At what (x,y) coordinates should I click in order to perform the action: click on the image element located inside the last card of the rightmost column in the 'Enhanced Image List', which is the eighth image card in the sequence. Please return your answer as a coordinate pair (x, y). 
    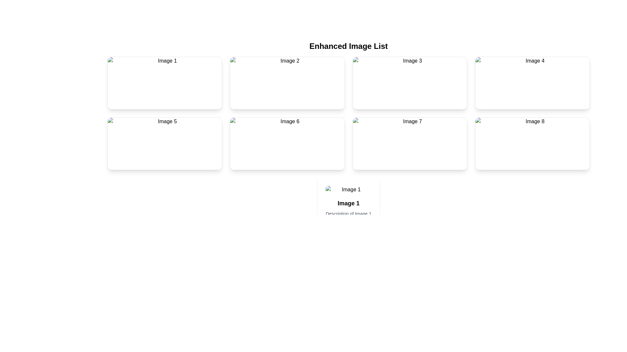
    Looking at the image, I should click on (532, 143).